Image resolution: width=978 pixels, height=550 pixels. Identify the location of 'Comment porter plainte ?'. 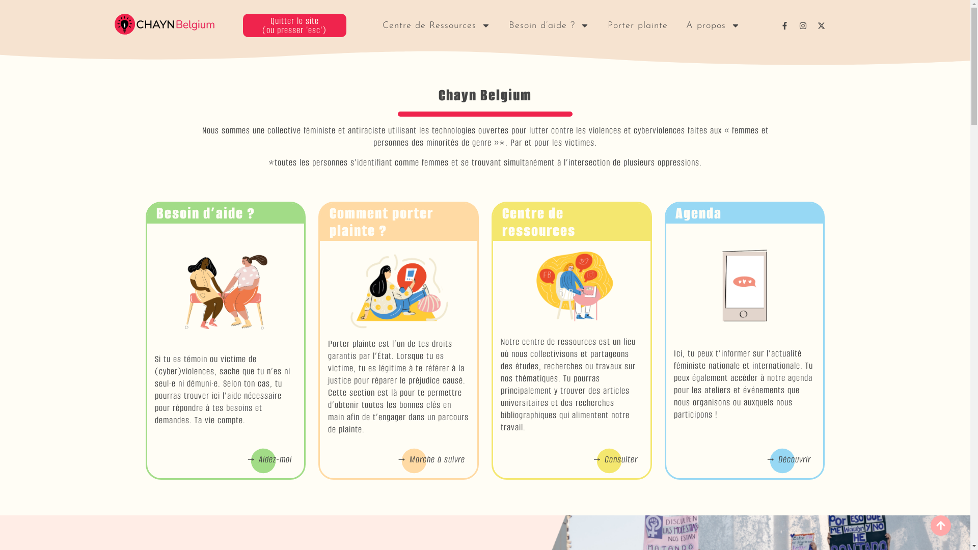
(330, 221).